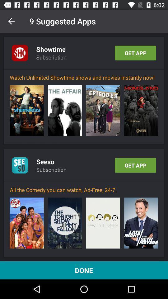 The height and width of the screenshot is (299, 168). What do you see at coordinates (84, 189) in the screenshot?
I see `all the comedy item` at bounding box center [84, 189].